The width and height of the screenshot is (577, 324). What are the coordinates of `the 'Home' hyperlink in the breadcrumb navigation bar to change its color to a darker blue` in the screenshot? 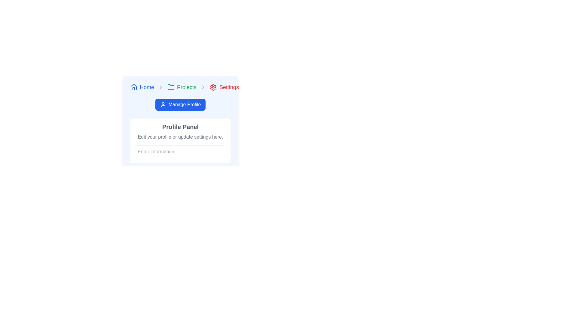 It's located at (147, 87).